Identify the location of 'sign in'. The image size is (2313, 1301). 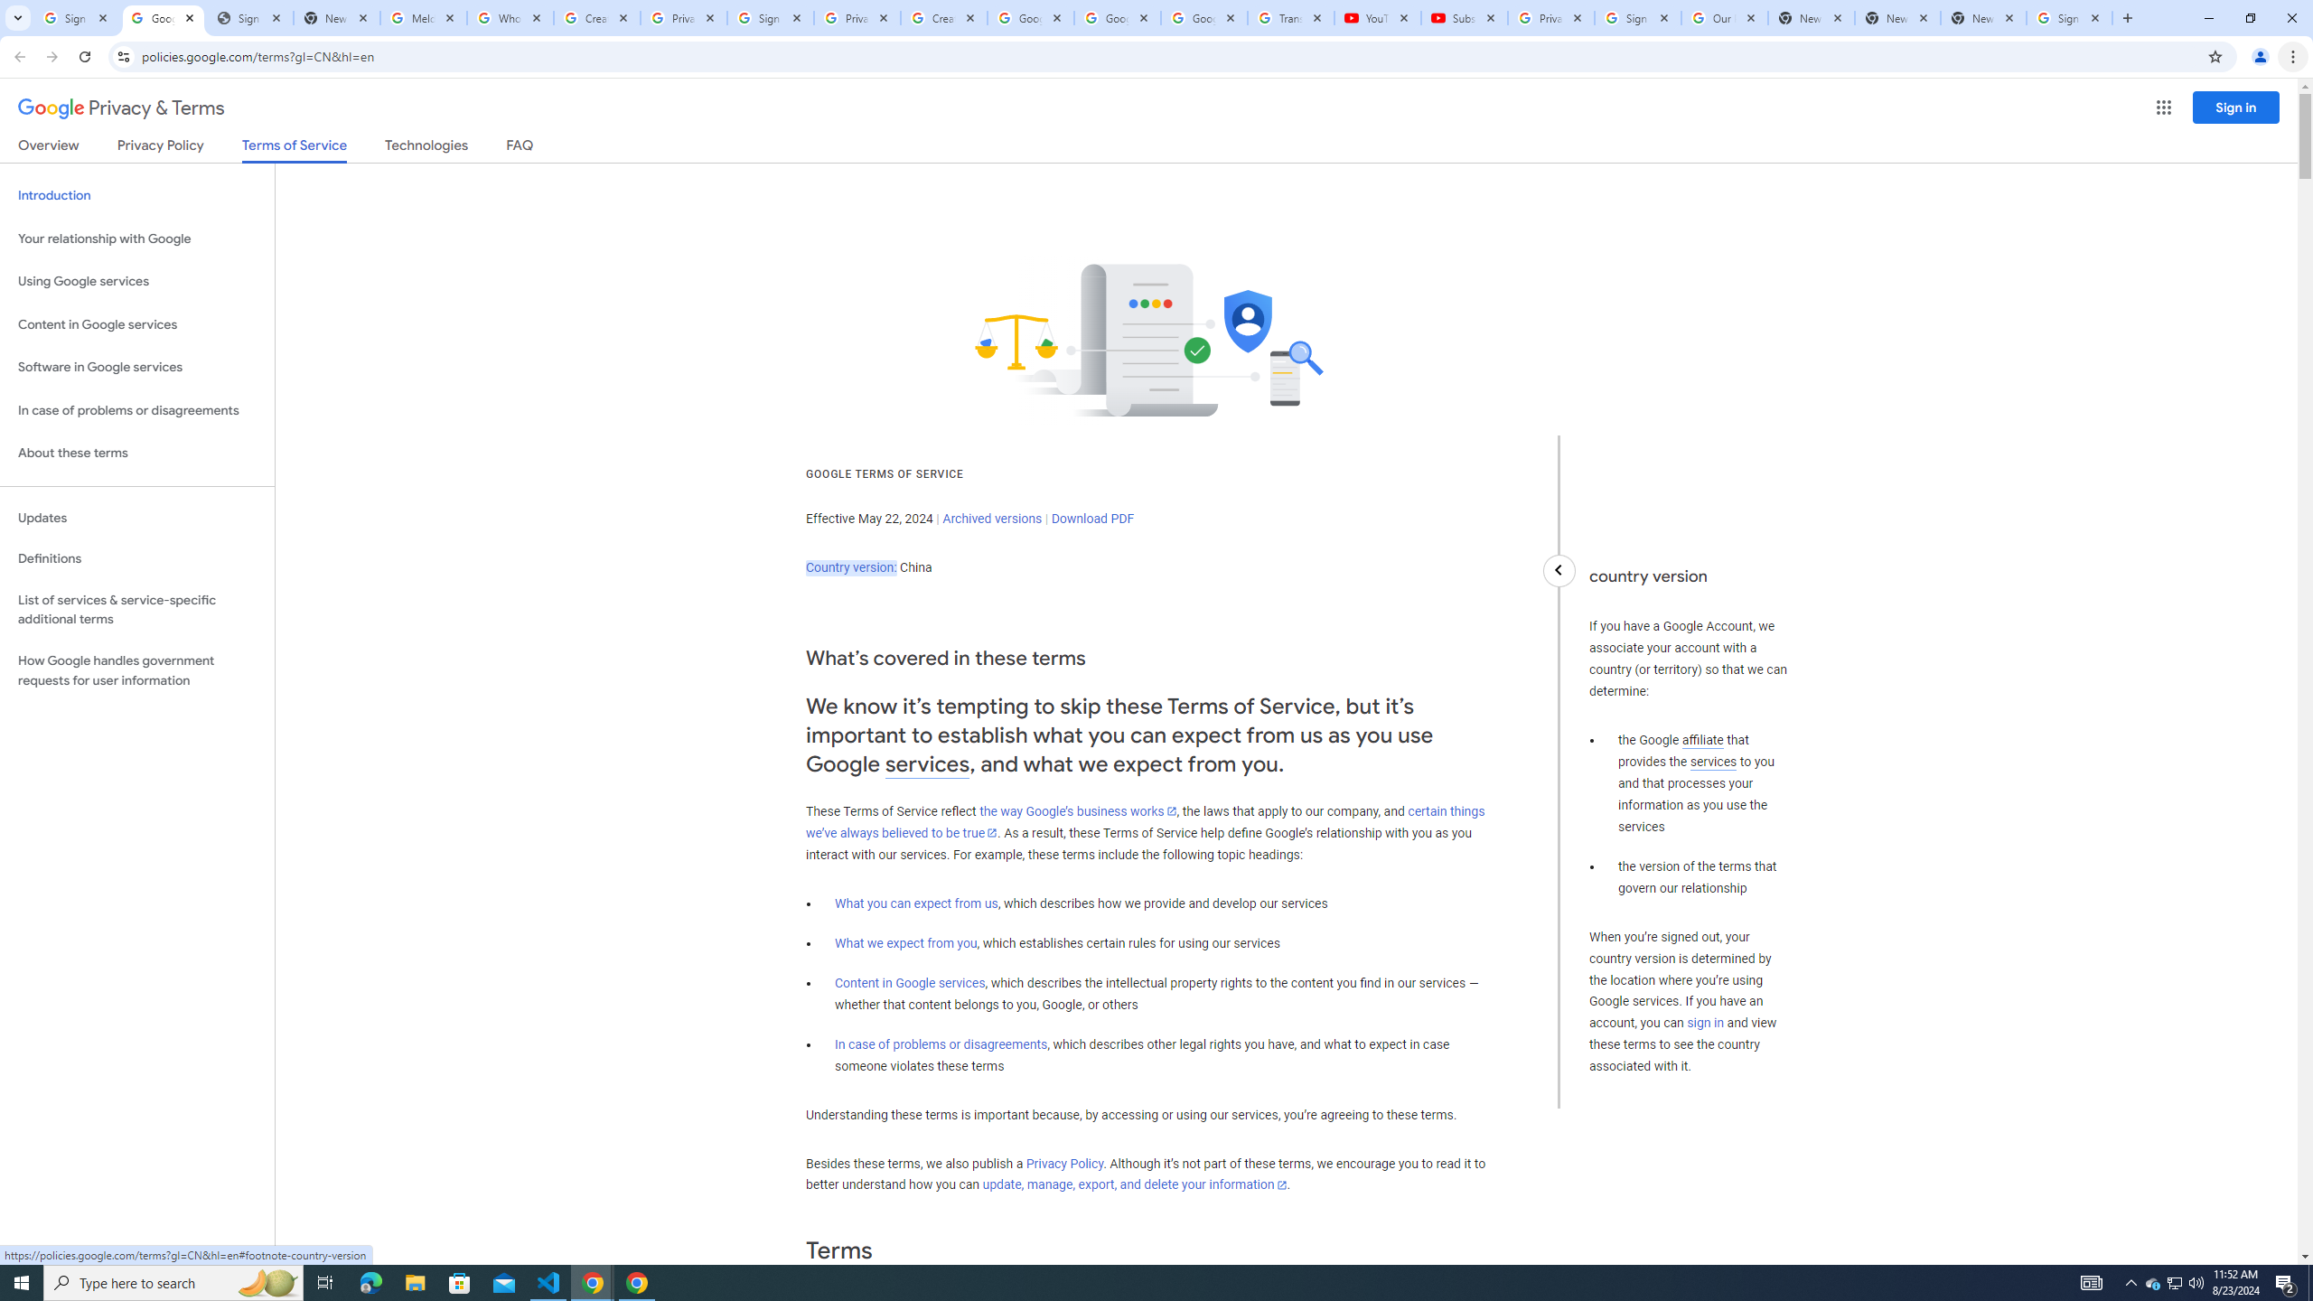
(1705, 1024).